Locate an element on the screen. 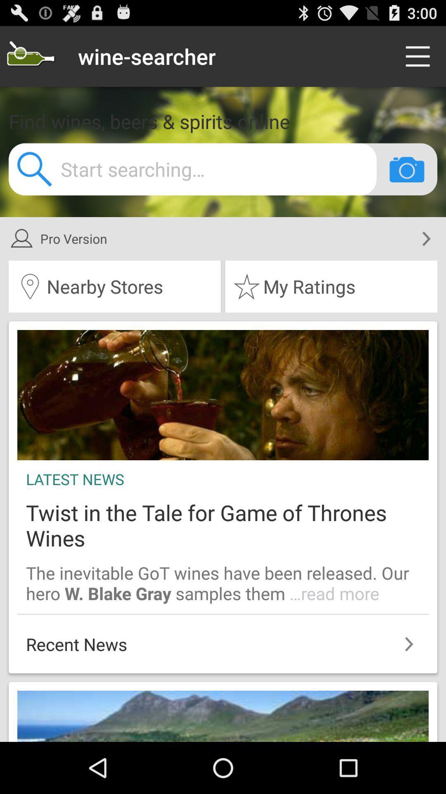 This screenshot has width=446, height=794. the icon below pro version item is located at coordinates (331, 286).